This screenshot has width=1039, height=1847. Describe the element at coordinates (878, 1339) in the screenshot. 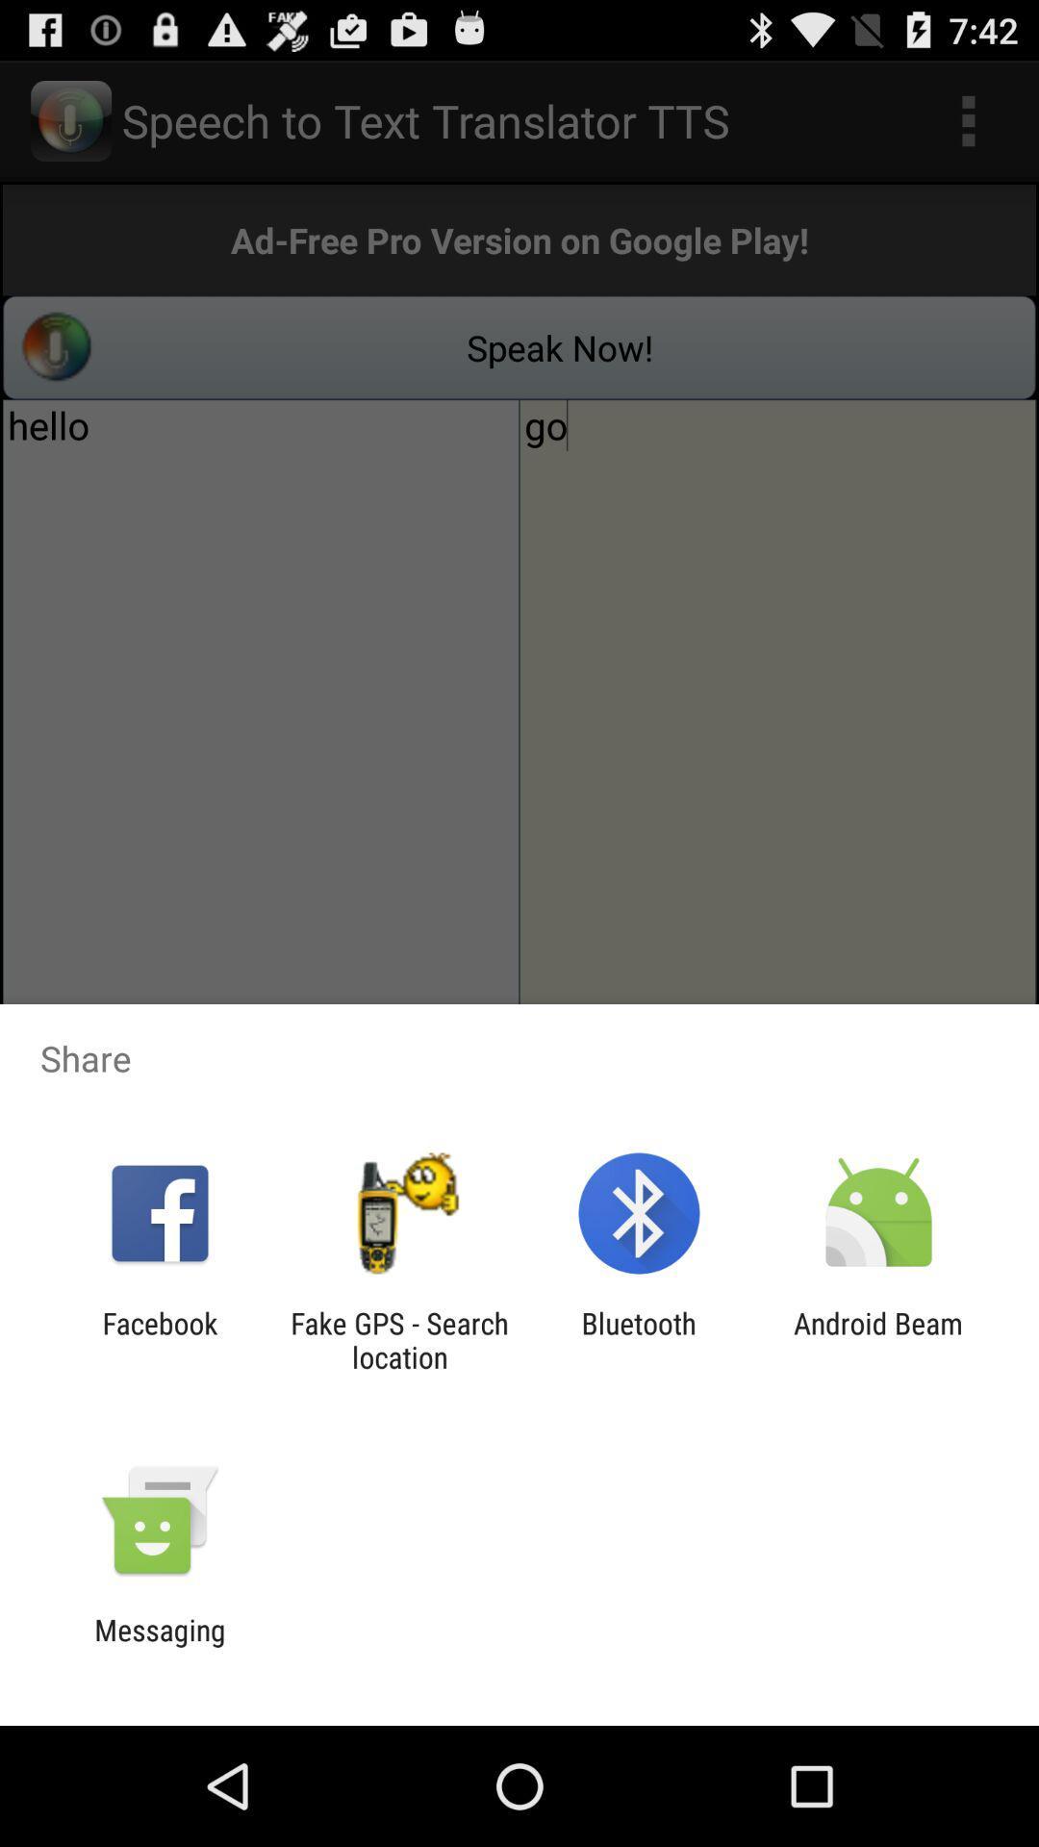

I see `app next to the bluetooth app` at that location.